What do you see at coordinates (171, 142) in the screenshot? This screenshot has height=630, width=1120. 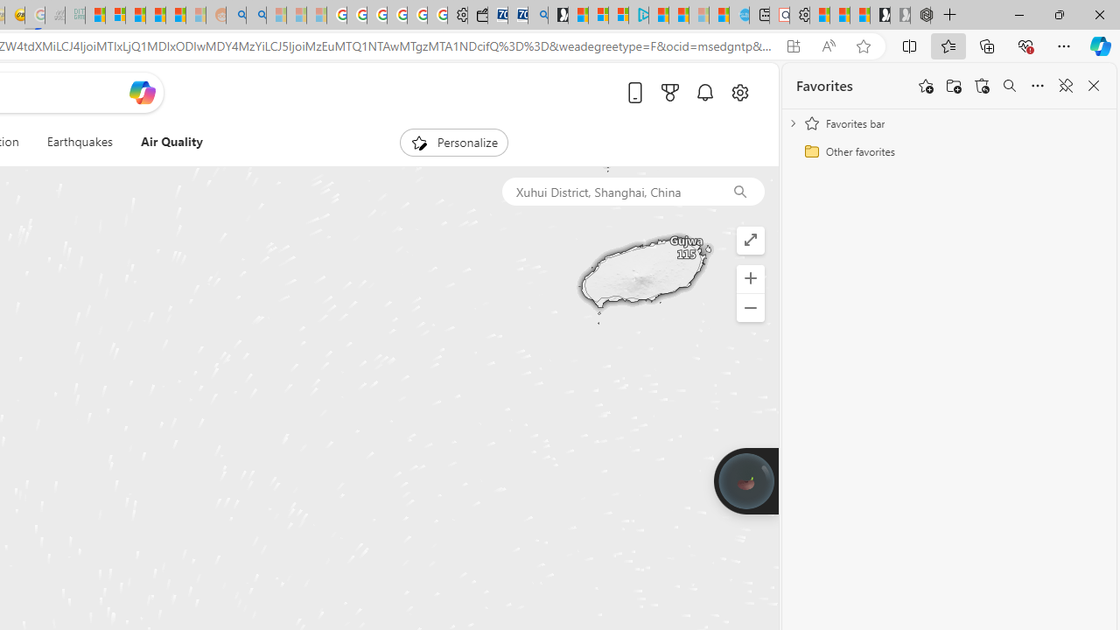 I see `'Air Quality'` at bounding box center [171, 142].